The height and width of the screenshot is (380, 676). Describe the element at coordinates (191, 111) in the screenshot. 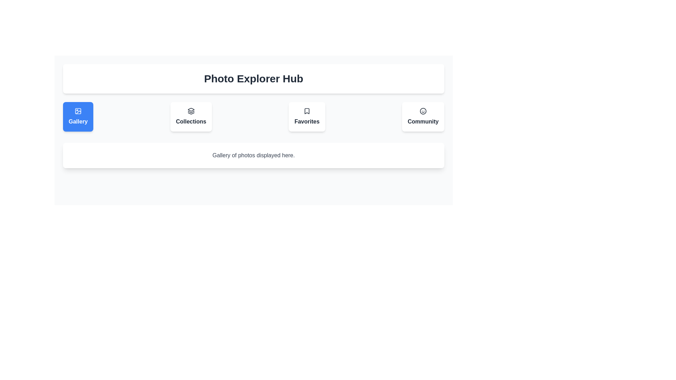

I see `the 'Collections' icon, which is the second option in the navigation menu, to enhance user recognition of its functionality` at that location.